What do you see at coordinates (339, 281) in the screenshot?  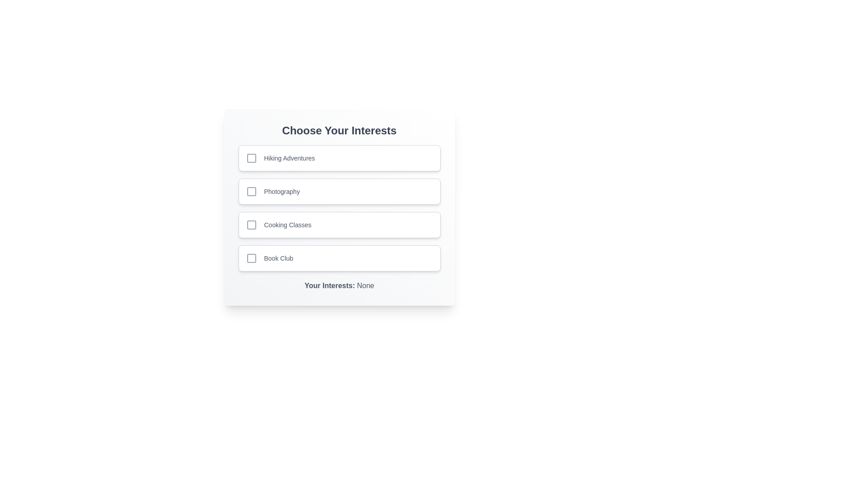 I see `the static text label that reads 'Your Interests: None', which is styled in gray and positioned at the bottom of a list of selectable items within a card interface` at bounding box center [339, 281].